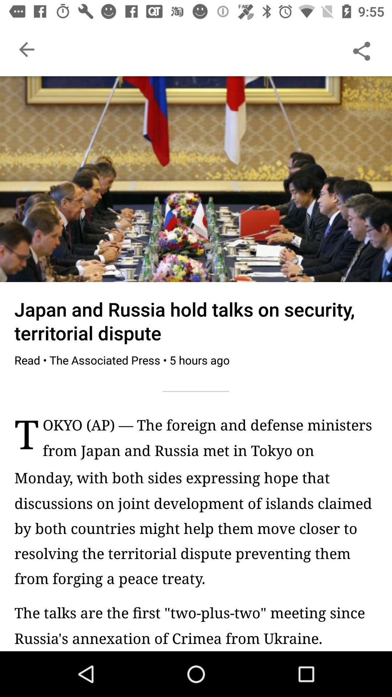 This screenshot has width=392, height=697. I want to click on share the article, so click(361, 49).